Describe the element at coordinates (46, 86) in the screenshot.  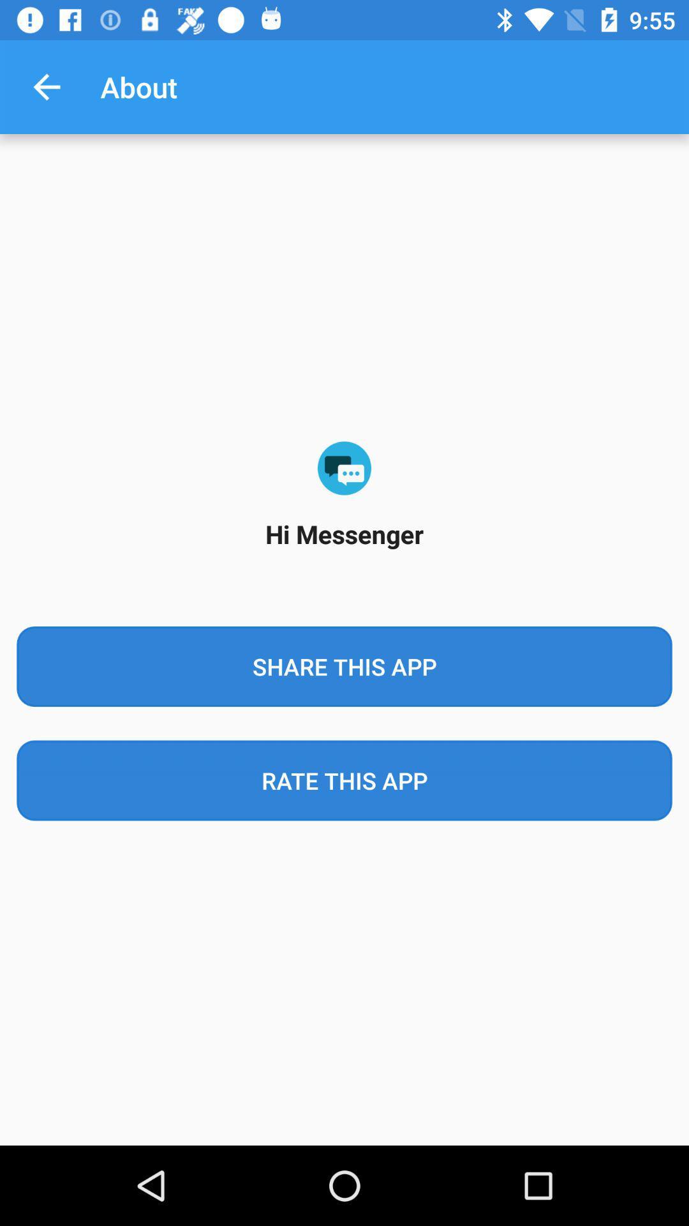
I see `item above share this app item` at that location.